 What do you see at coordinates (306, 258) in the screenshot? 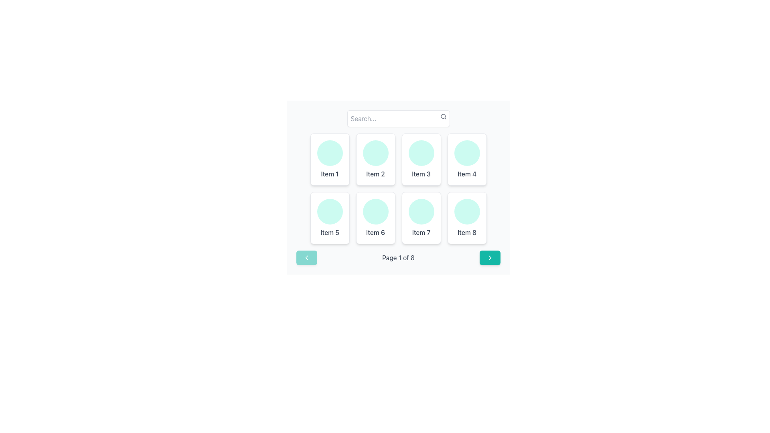
I see `the backward pagination button` at bounding box center [306, 258].